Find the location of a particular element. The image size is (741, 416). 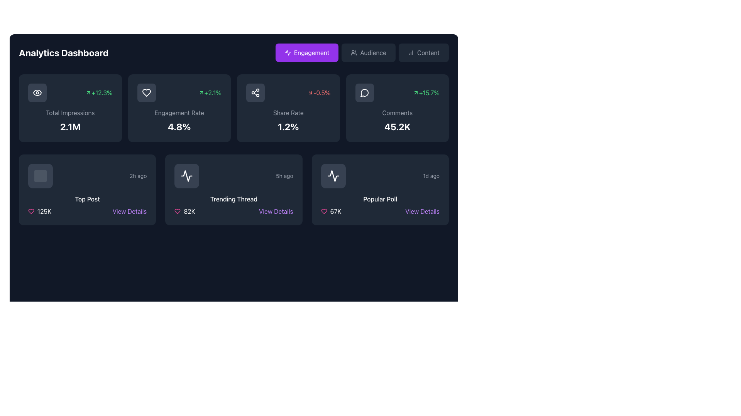

the timestamp label located in the bottom-right corner of the 'Popular Poll' section in the dashboard interface is located at coordinates (431, 176).